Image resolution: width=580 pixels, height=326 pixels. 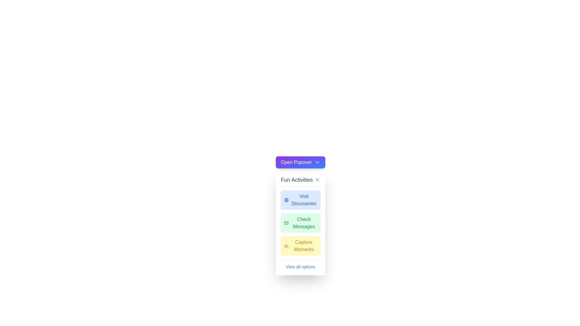 What do you see at coordinates (300, 162) in the screenshot?
I see `the 'Open Popover' button with a gradient background` at bounding box center [300, 162].